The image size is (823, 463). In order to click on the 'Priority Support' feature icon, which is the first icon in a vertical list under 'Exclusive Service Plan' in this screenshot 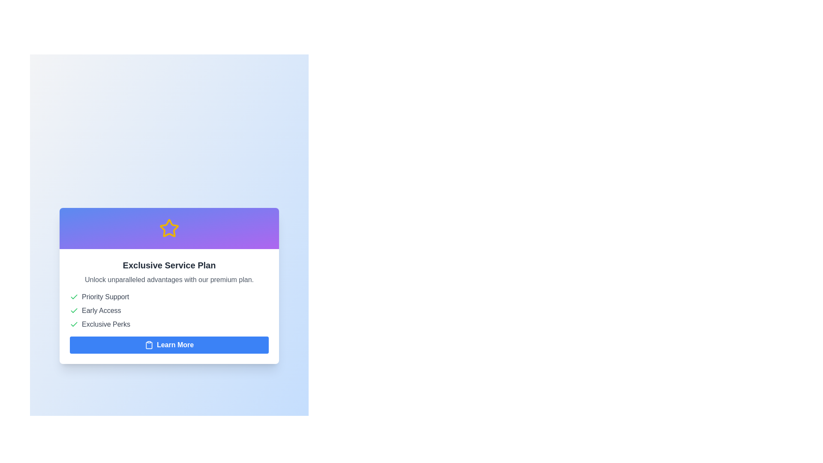, I will do `click(74, 297)`.